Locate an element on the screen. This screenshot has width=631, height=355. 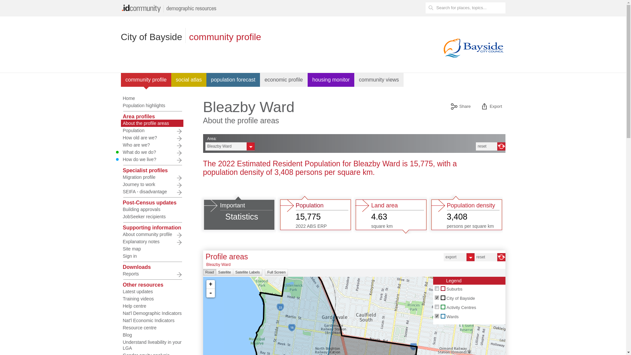
'Full Screen' is located at coordinates (265, 272).